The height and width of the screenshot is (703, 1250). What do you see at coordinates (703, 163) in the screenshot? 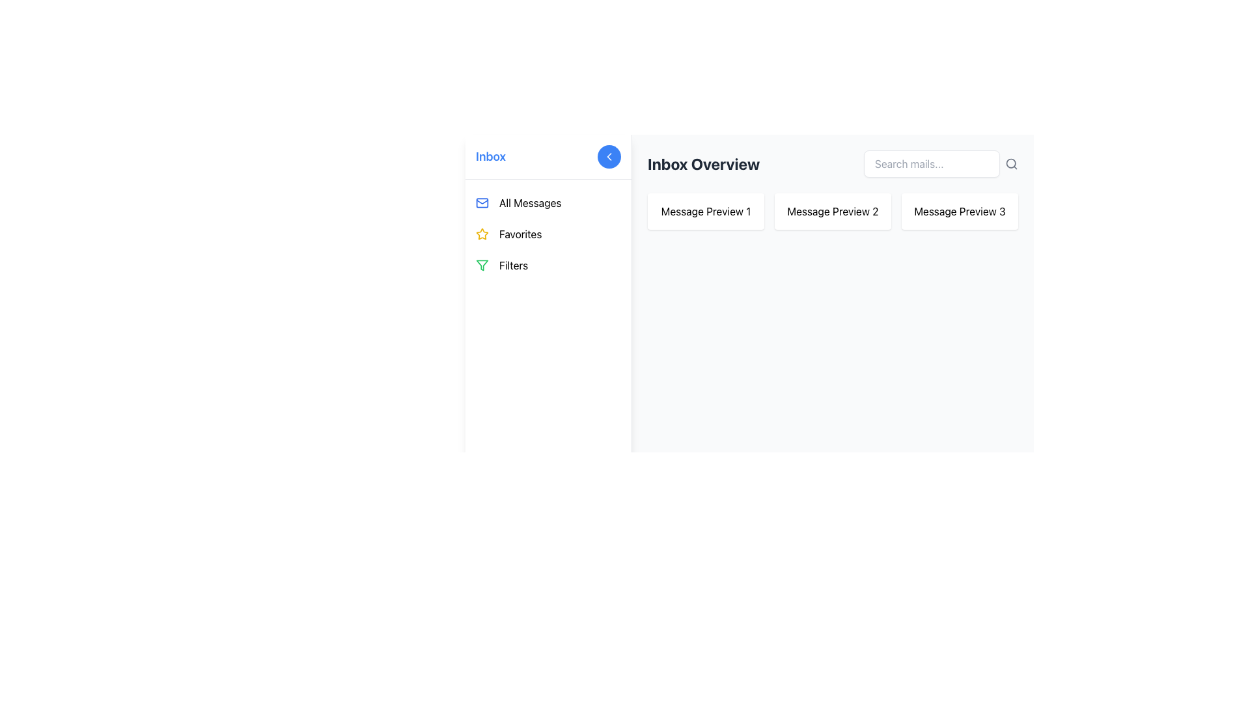
I see `text label 'Inbox Overview' which is prominently displayed in bold at the top-left of the interface, positioned to the left of the search bar` at bounding box center [703, 163].